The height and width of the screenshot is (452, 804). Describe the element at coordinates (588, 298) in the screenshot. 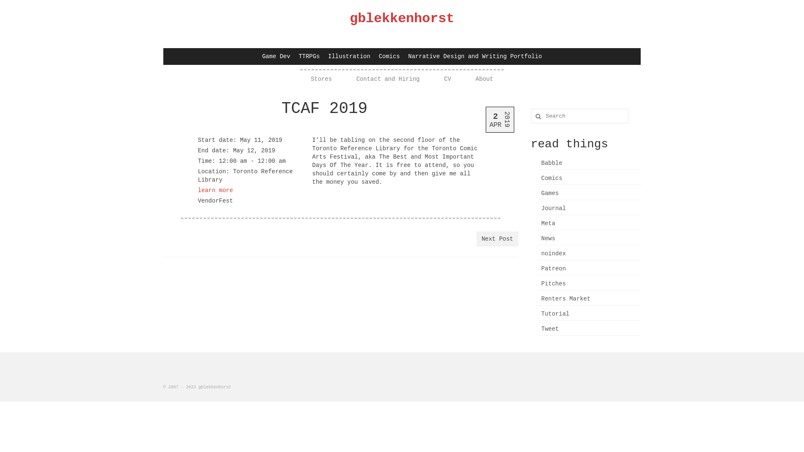

I see `'Renters Market'` at that location.